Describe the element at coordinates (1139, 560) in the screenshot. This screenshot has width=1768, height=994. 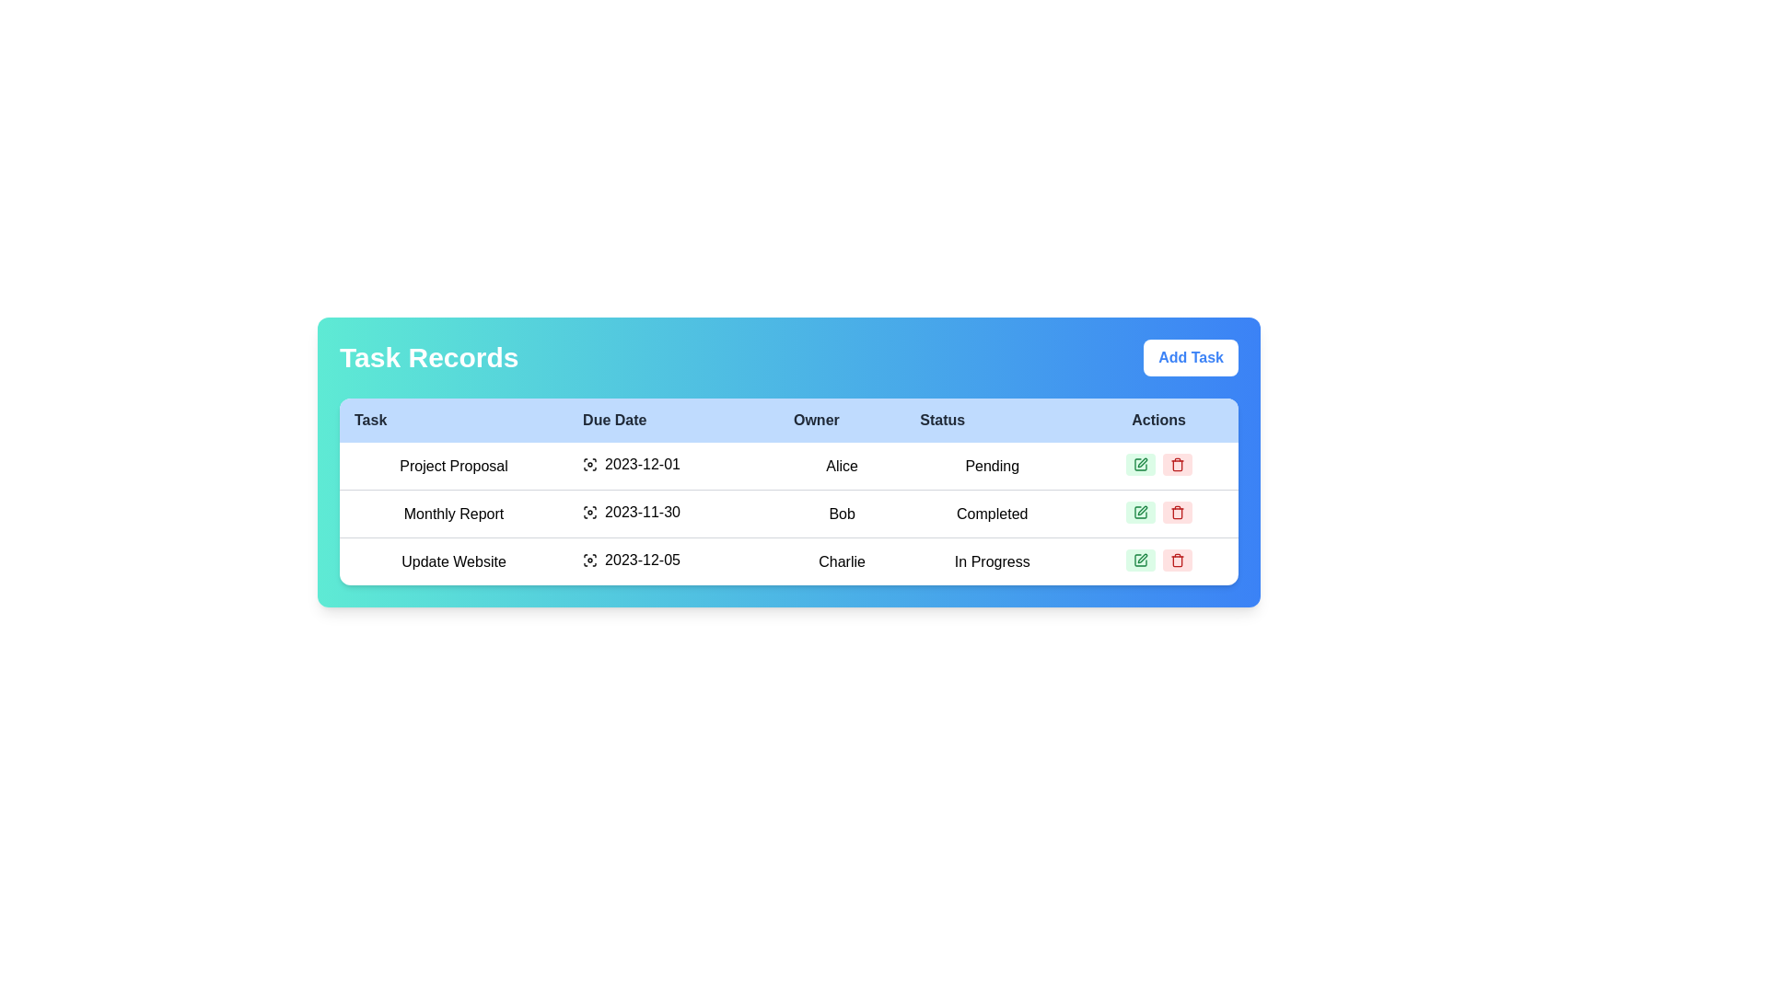
I see `the edit button located in the third row of the table under the 'Actions' column` at that location.